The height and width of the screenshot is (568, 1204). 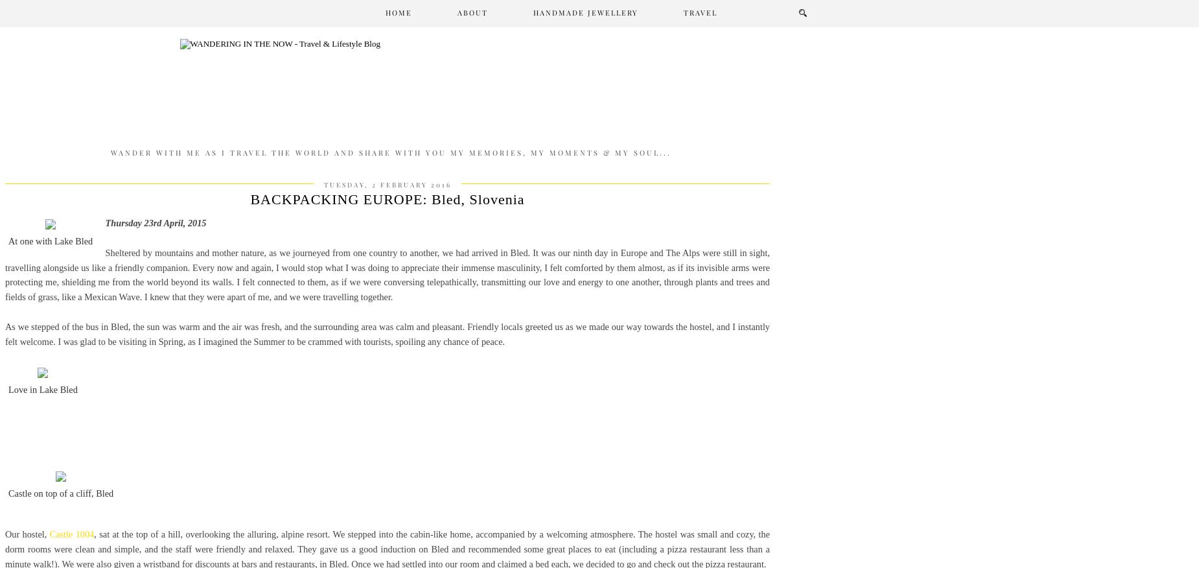 What do you see at coordinates (389, 152) in the screenshot?
I see `'wander with me as i travel the world and share with you my memories, my moments & my soul...'` at bounding box center [389, 152].